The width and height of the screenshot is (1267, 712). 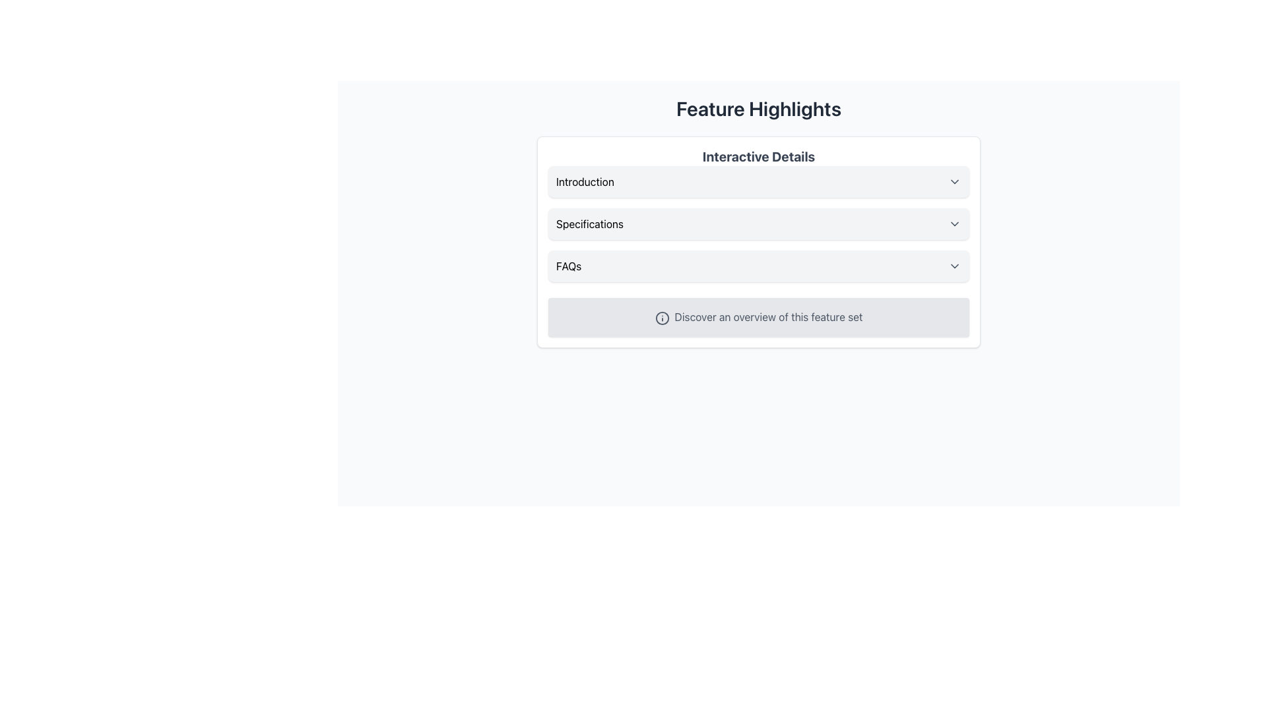 I want to click on the circular icon element with a dark outer border located to the left of the button labeled 'Discover an overview of this feature set', so click(x=662, y=318).